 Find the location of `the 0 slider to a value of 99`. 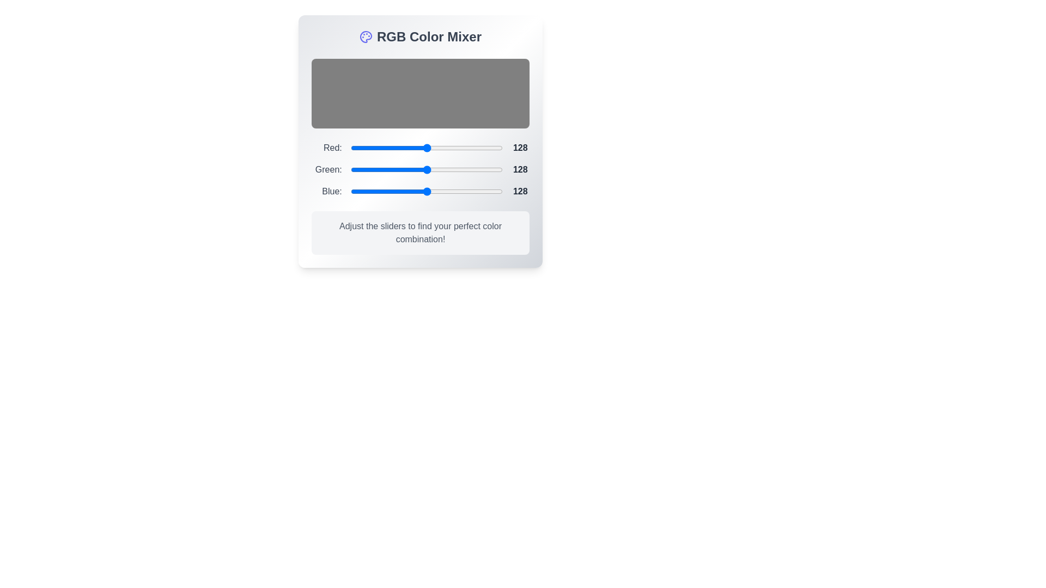

the 0 slider to a value of 99 is located at coordinates (456, 148).